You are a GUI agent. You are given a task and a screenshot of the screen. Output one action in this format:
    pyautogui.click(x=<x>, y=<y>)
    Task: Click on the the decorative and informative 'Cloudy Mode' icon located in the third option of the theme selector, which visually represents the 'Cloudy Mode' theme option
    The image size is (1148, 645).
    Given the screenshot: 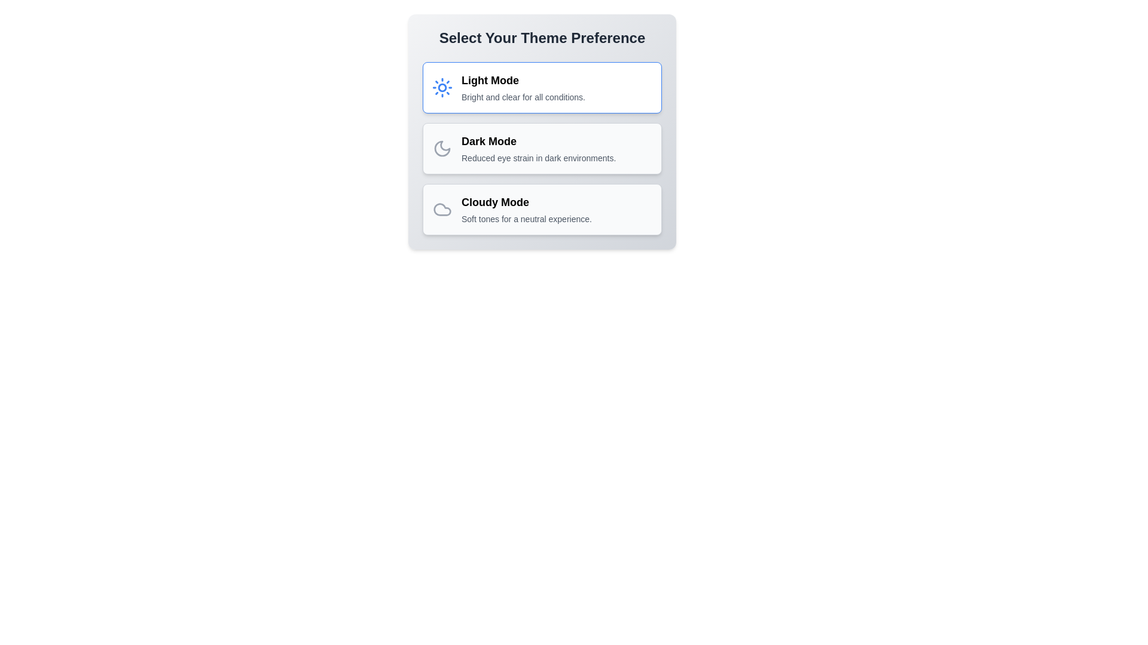 What is the action you would take?
    pyautogui.click(x=441, y=209)
    